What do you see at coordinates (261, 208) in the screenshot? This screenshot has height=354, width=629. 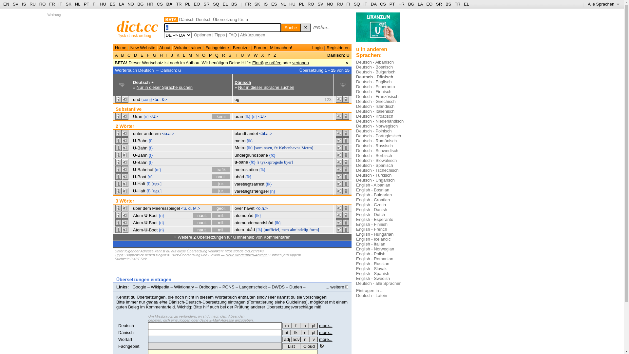 I see `'<o.h.>'` at bounding box center [261, 208].